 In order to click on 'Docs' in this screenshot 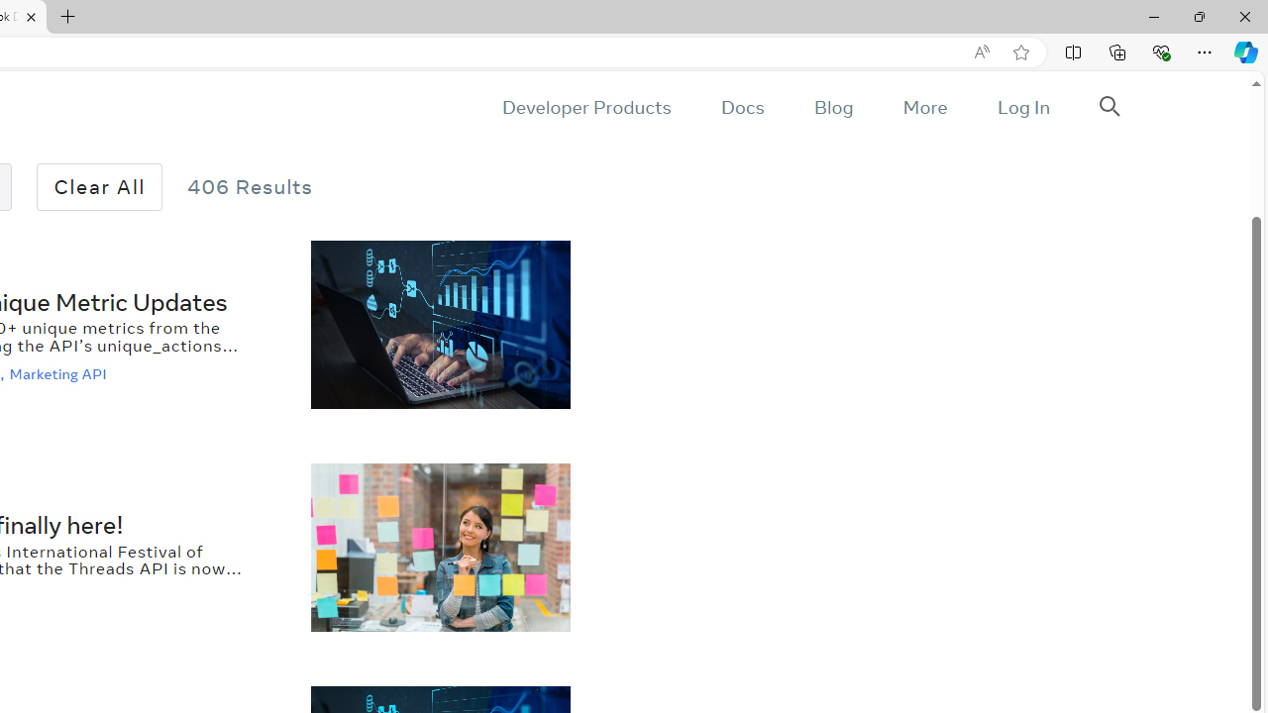, I will do `click(741, 107)`.